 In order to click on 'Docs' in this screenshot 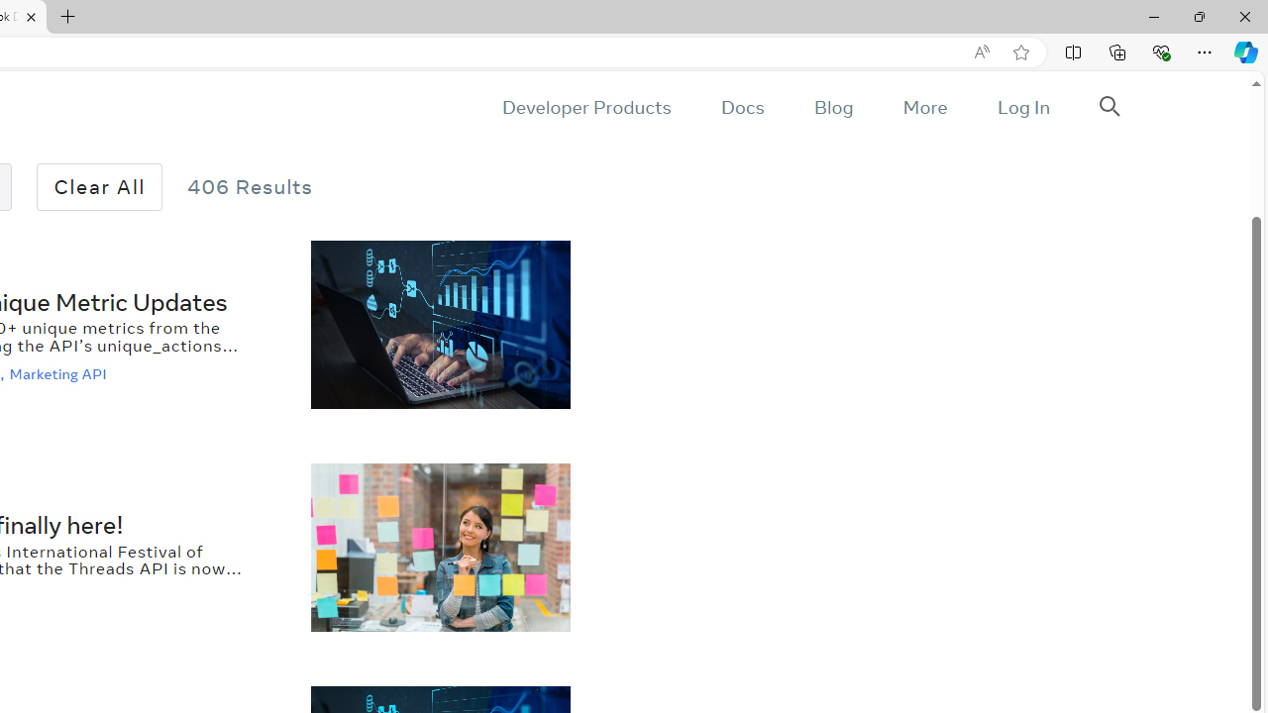, I will do `click(741, 107)`.